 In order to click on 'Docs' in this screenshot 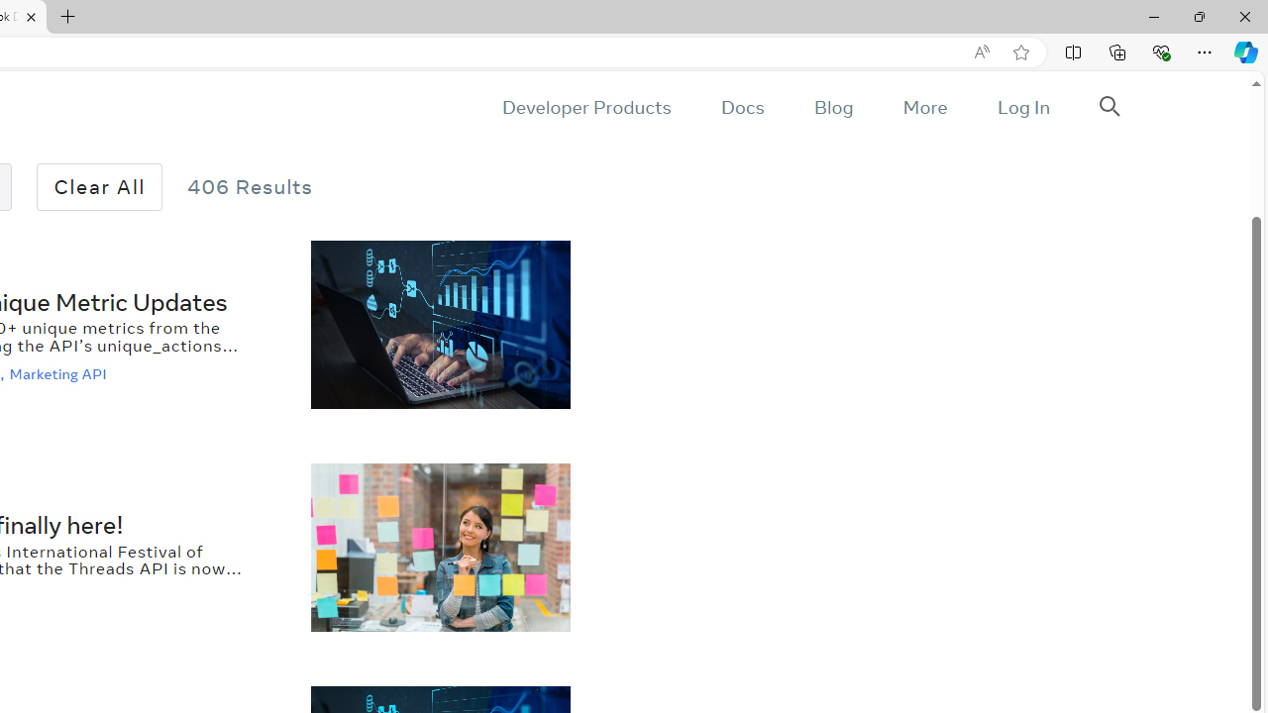, I will do `click(741, 107)`.